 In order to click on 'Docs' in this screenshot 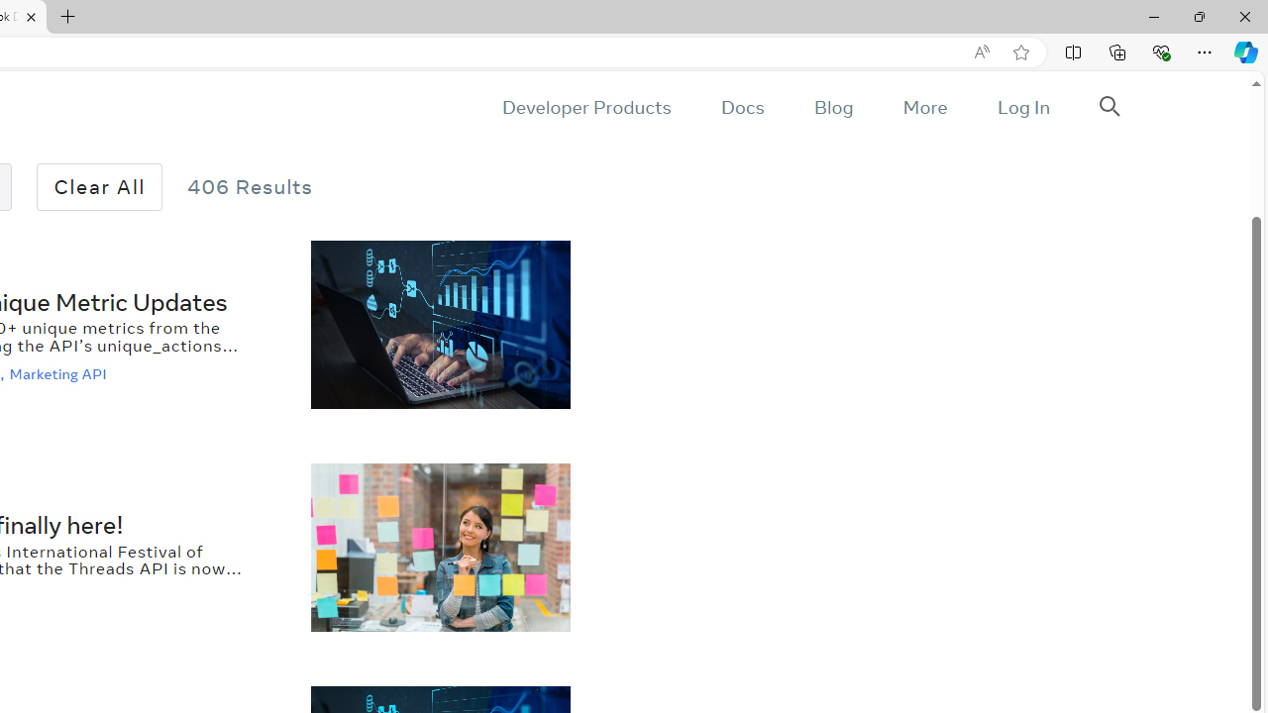, I will do `click(741, 107)`.